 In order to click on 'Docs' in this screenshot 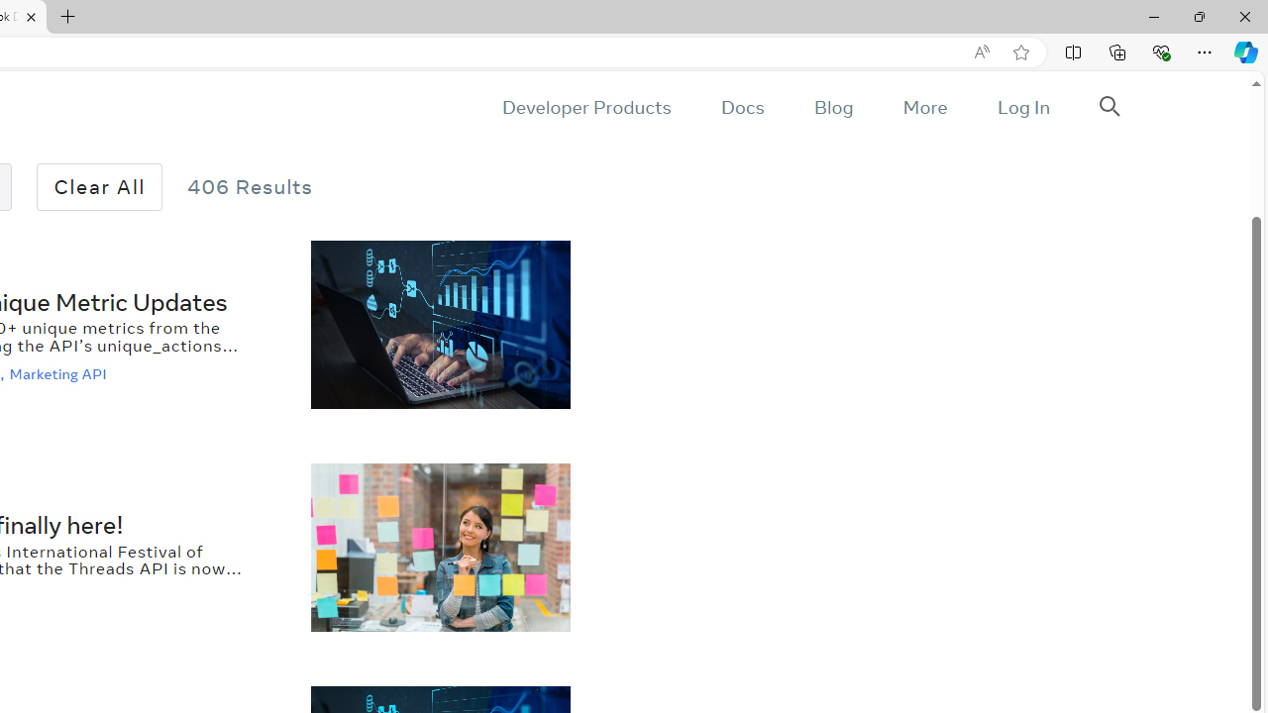, I will do `click(741, 107)`.